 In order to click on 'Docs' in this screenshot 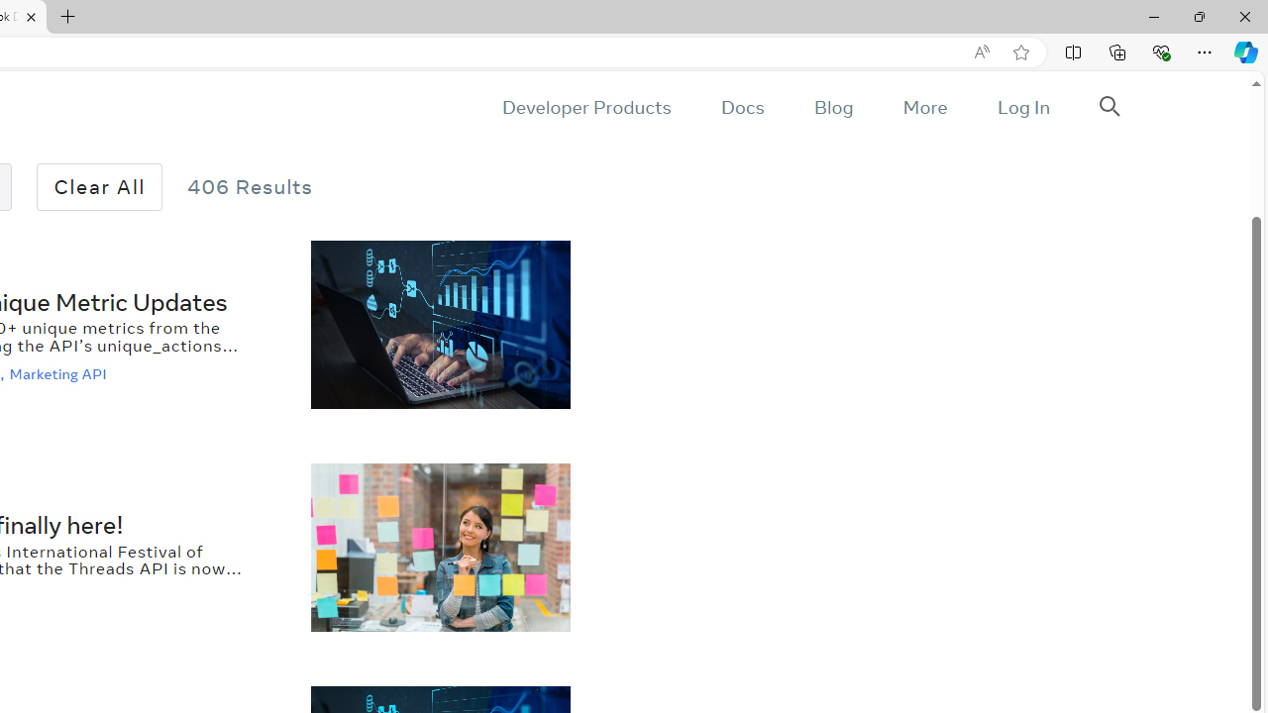, I will do `click(741, 107)`.